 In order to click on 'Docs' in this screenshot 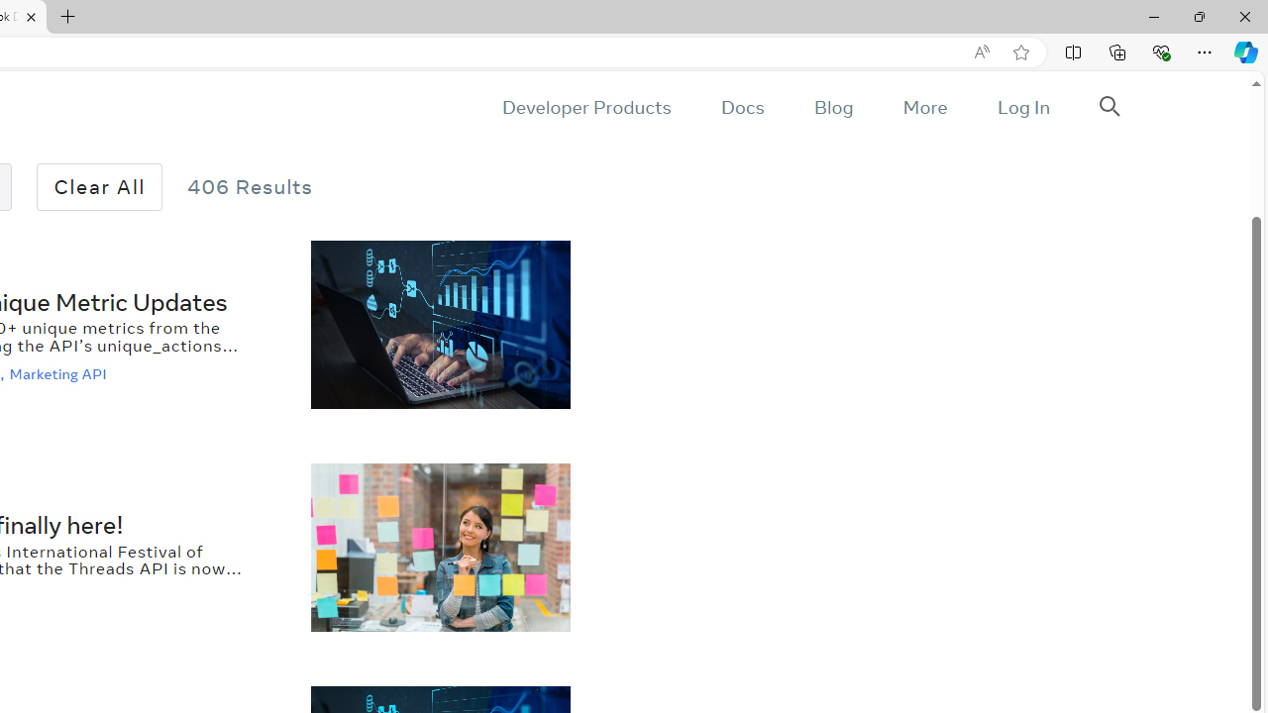, I will do `click(741, 107)`.